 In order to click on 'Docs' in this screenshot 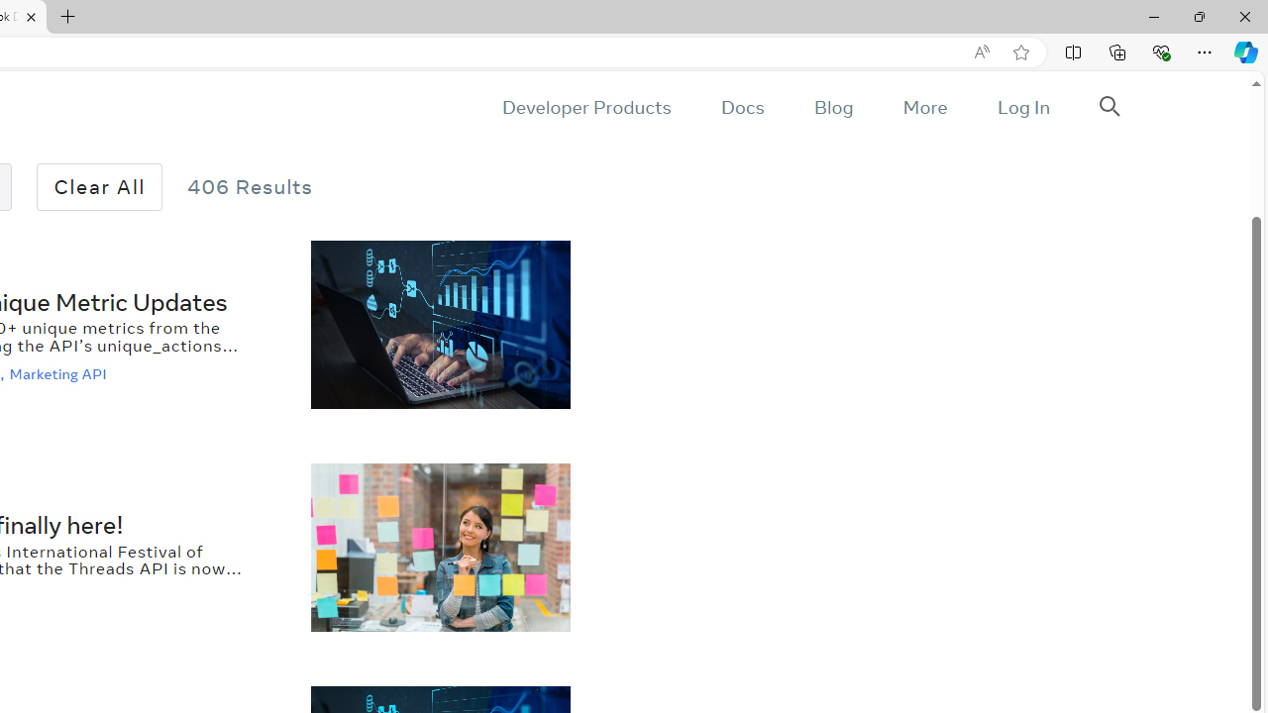, I will do `click(741, 107)`.